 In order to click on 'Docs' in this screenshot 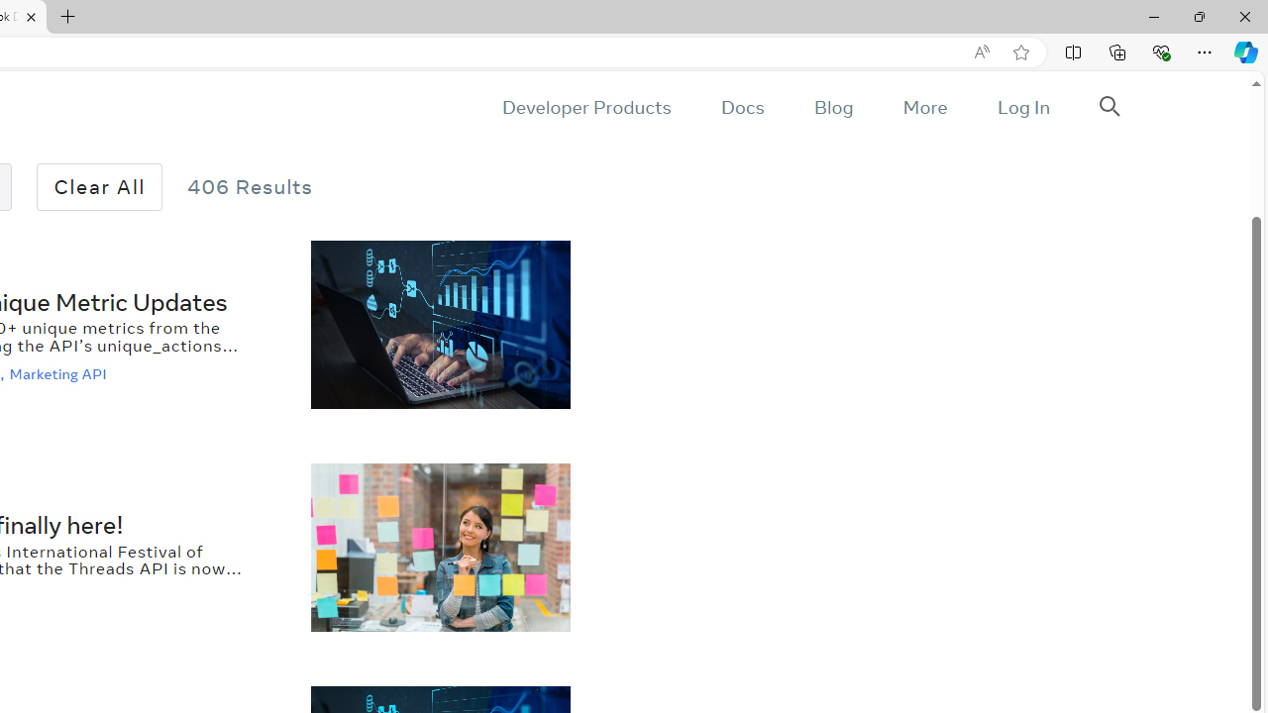, I will do `click(741, 107)`.